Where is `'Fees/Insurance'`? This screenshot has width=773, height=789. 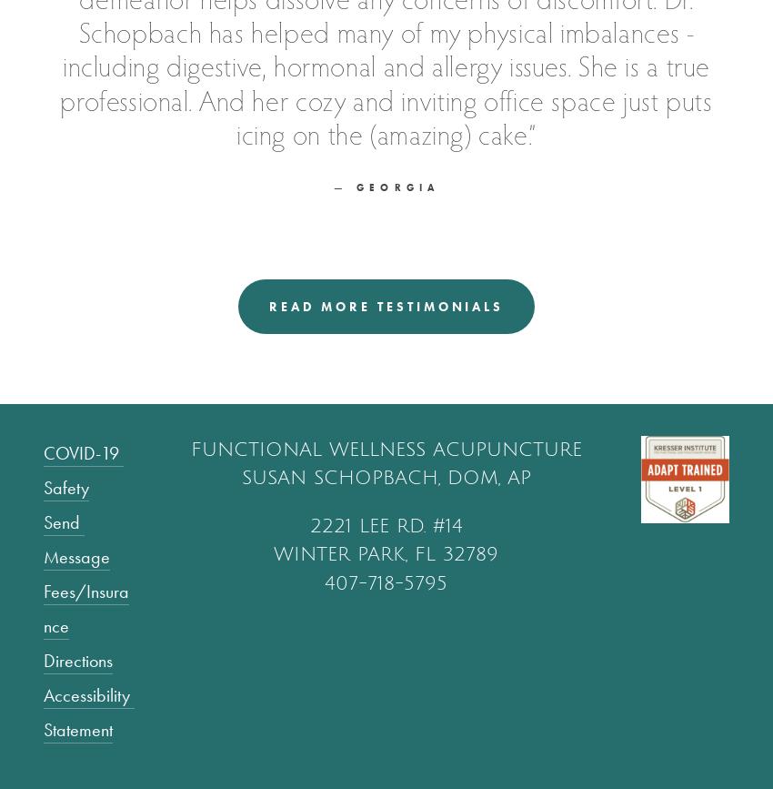 'Fees/Insurance' is located at coordinates (85, 607).